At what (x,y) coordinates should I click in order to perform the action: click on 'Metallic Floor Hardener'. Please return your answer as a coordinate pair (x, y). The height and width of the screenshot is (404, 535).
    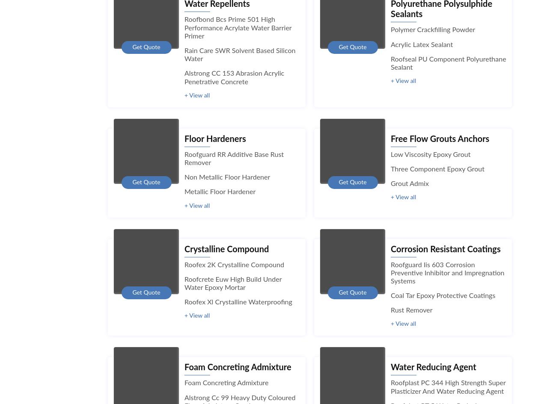
    Looking at the image, I should click on (220, 192).